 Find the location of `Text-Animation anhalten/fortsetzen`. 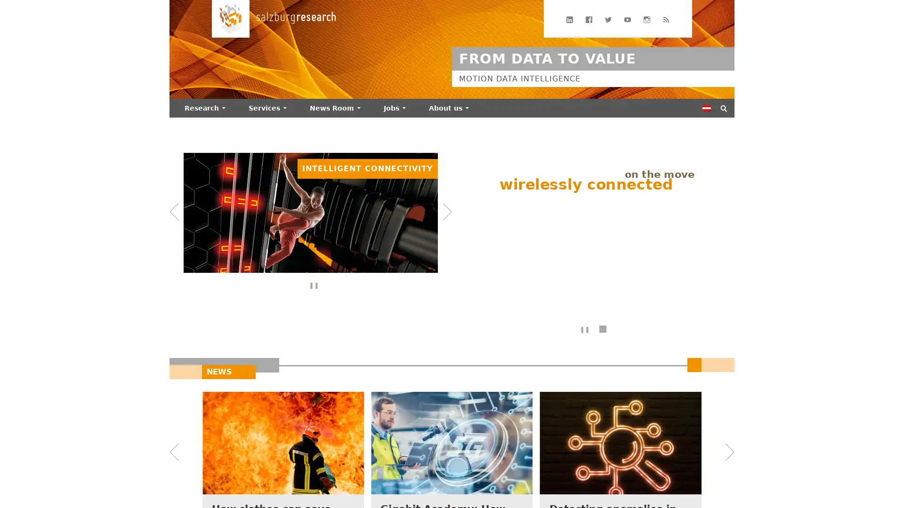

Text-Animation anhalten/fortsetzen is located at coordinates (584, 328).